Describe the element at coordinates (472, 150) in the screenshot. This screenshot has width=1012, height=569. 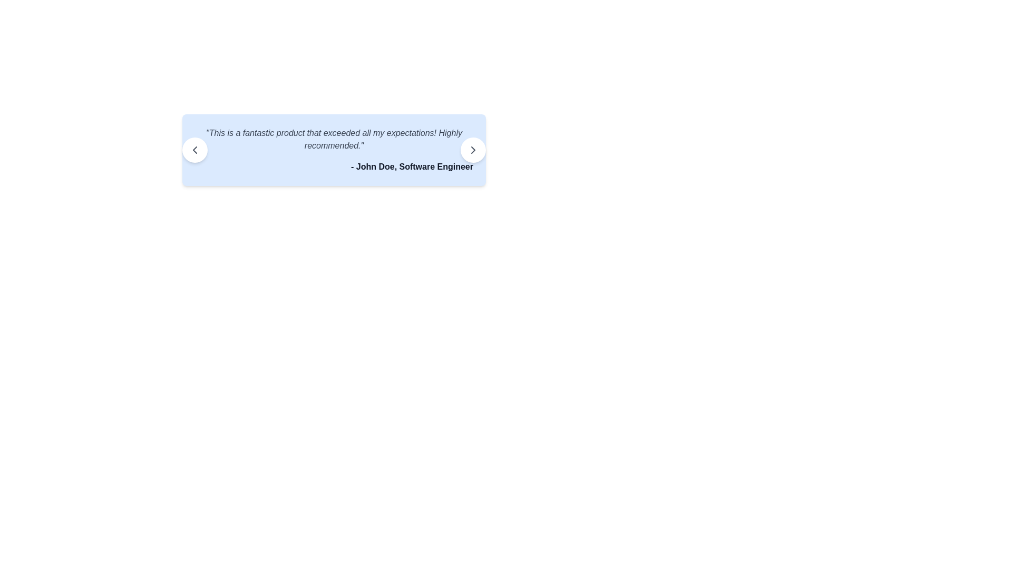
I see `the small rightward-pointing chevron icon, which is located at the far right end of a horizontal testimonial card, for reordering` at that location.